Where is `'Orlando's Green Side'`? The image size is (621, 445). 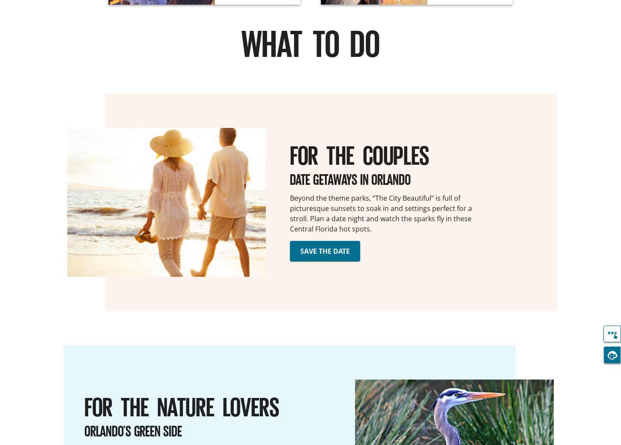
'Orlando's Green Side' is located at coordinates (133, 430).